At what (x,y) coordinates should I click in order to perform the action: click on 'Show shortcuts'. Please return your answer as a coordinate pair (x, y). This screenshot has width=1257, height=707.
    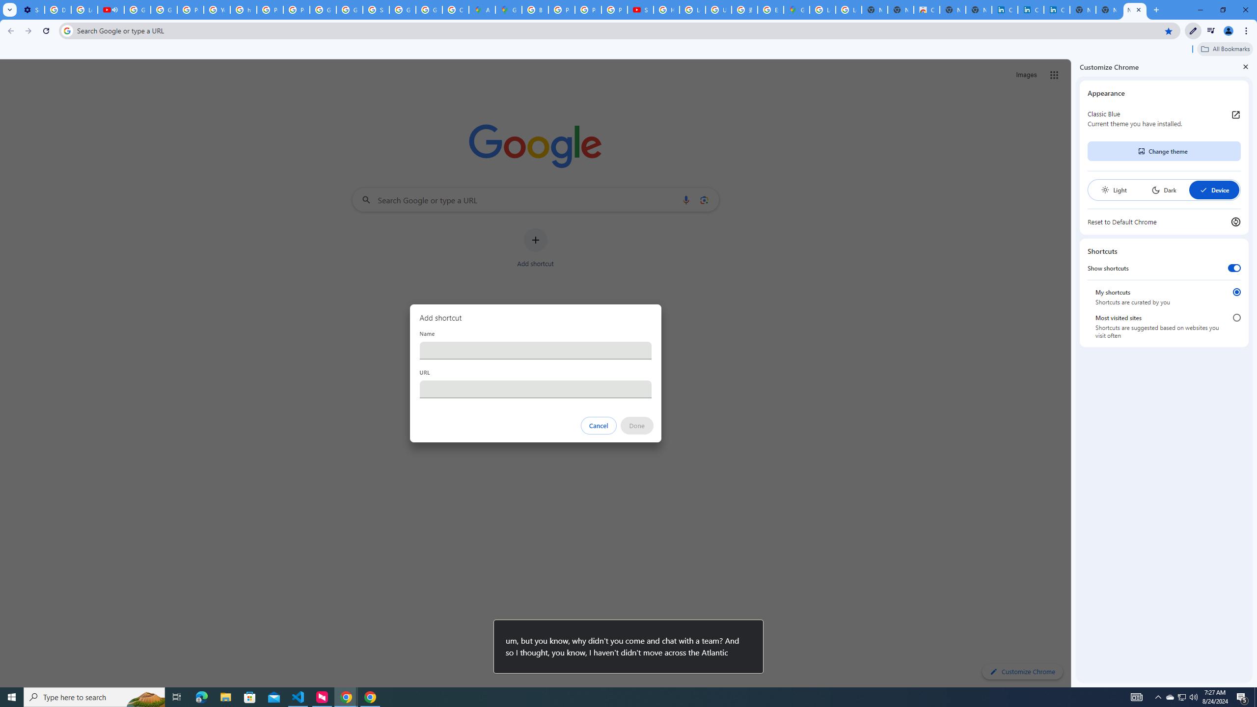
    Looking at the image, I should click on (1233, 268).